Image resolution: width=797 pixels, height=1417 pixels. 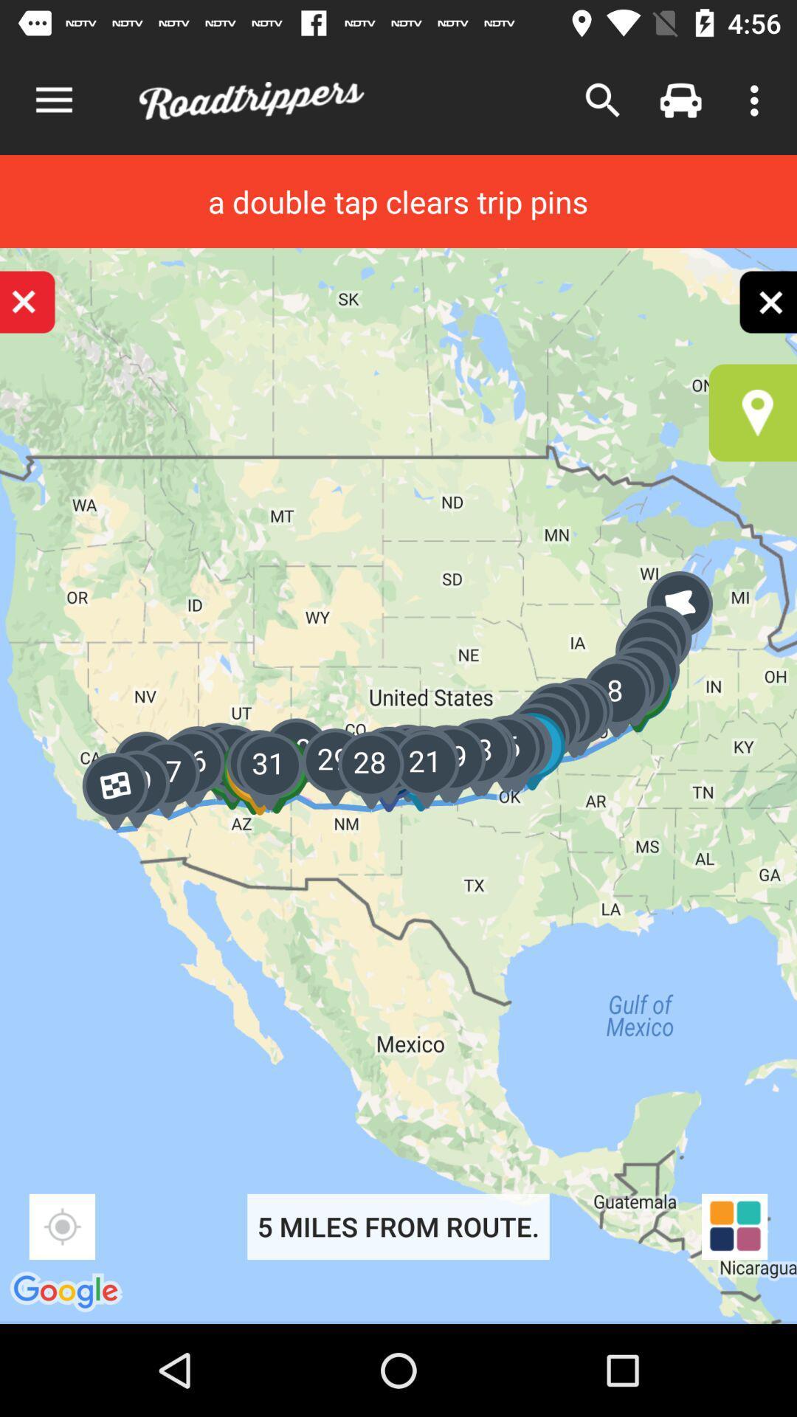 I want to click on the close icon, so click(x=767, y=301).